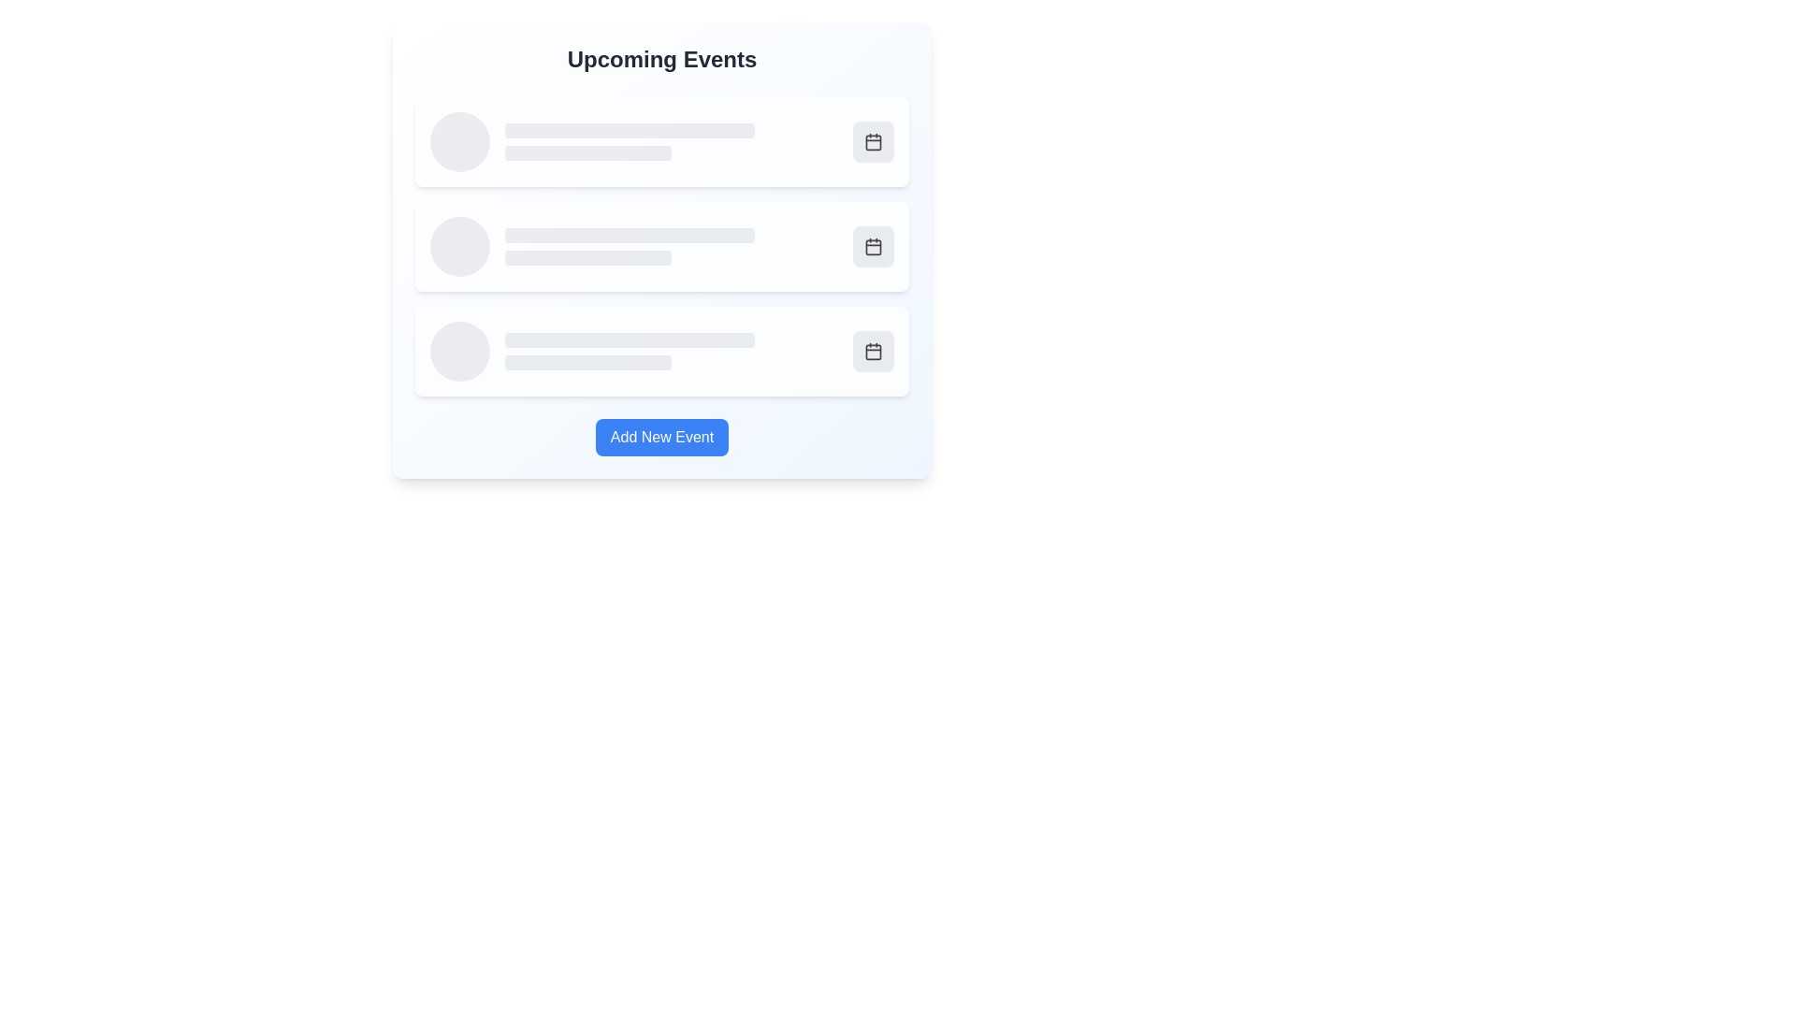  What do you see at coordinates (873, 245) in the screenshot?
I see `the small rounded calendar icon located in the top-right corner of the second row of the list` at bounding box center [873, 245].